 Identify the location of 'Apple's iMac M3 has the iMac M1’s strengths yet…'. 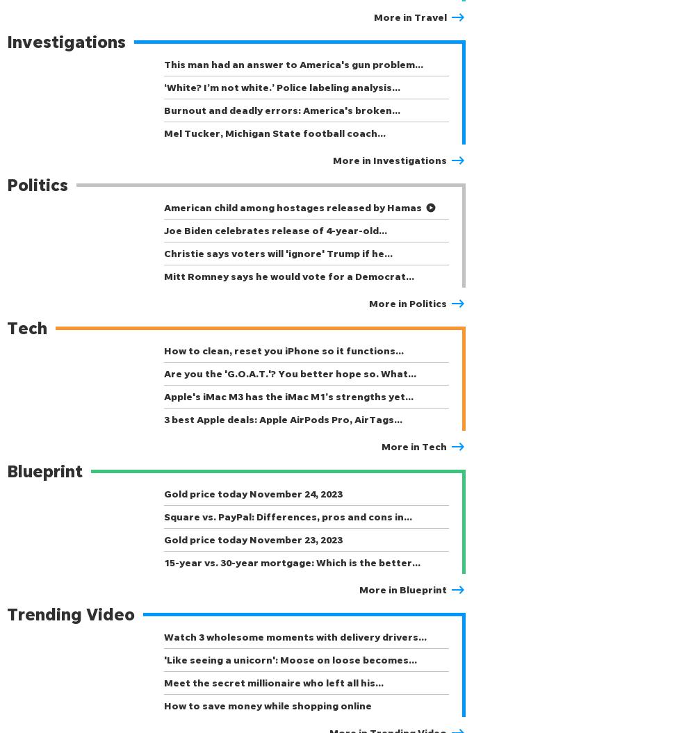
(288, 395).